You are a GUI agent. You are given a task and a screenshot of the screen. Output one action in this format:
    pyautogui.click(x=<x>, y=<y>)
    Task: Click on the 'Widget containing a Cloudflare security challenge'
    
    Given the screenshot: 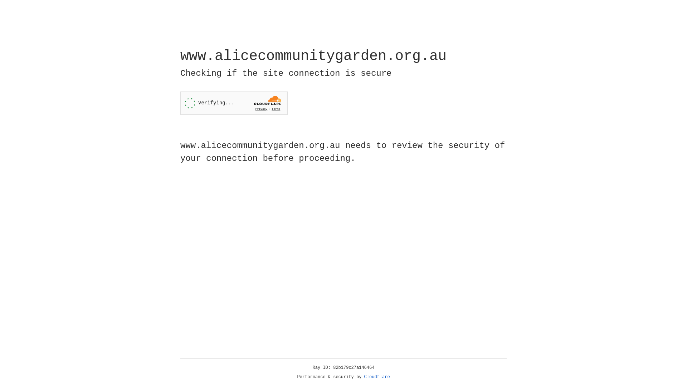 What is the action you would take?
    pyautogui.click(x=234, y=103)
    